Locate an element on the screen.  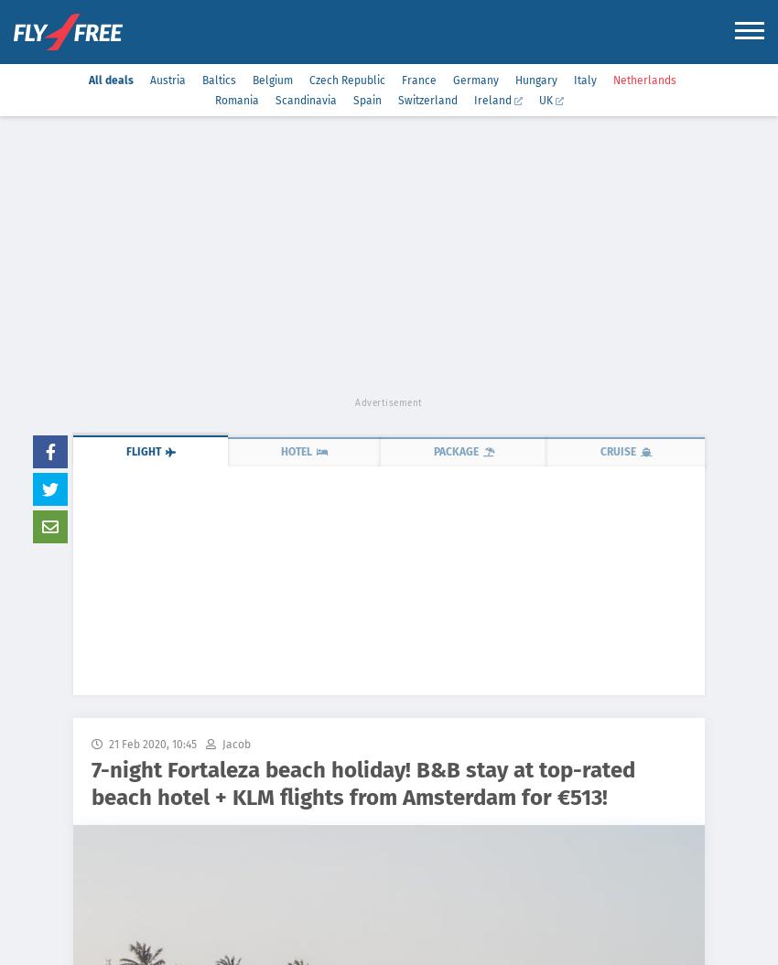
'Germany' is located at coordinates (474, 79).